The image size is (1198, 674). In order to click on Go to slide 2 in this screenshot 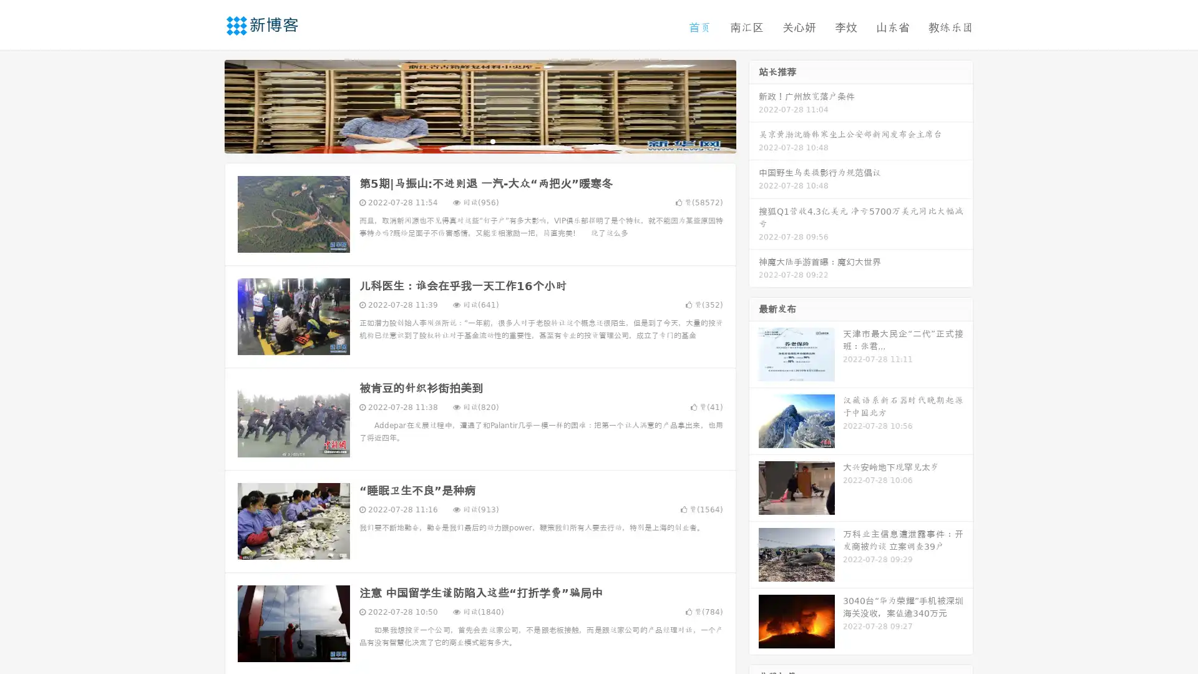, I will do `click(479, 140)`.